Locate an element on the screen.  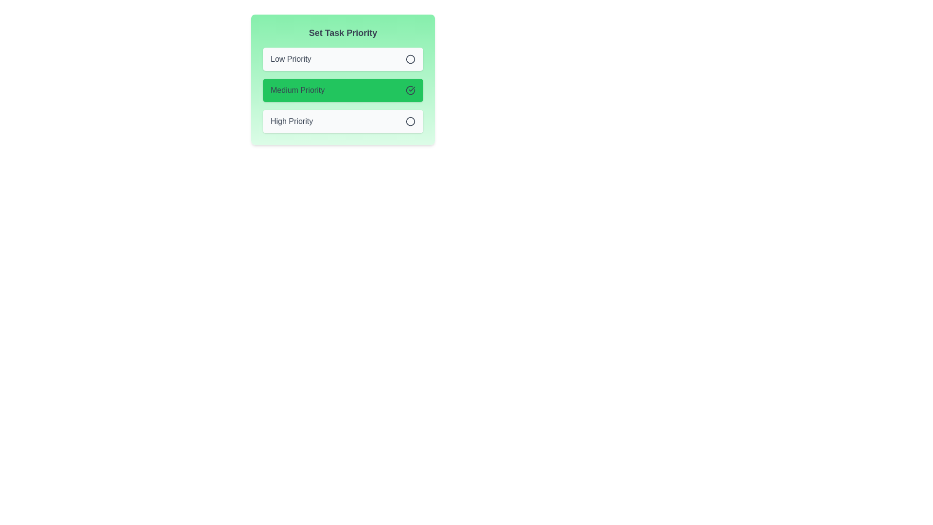
the 'Medium Priority' button is located at coordinates (343, 90).